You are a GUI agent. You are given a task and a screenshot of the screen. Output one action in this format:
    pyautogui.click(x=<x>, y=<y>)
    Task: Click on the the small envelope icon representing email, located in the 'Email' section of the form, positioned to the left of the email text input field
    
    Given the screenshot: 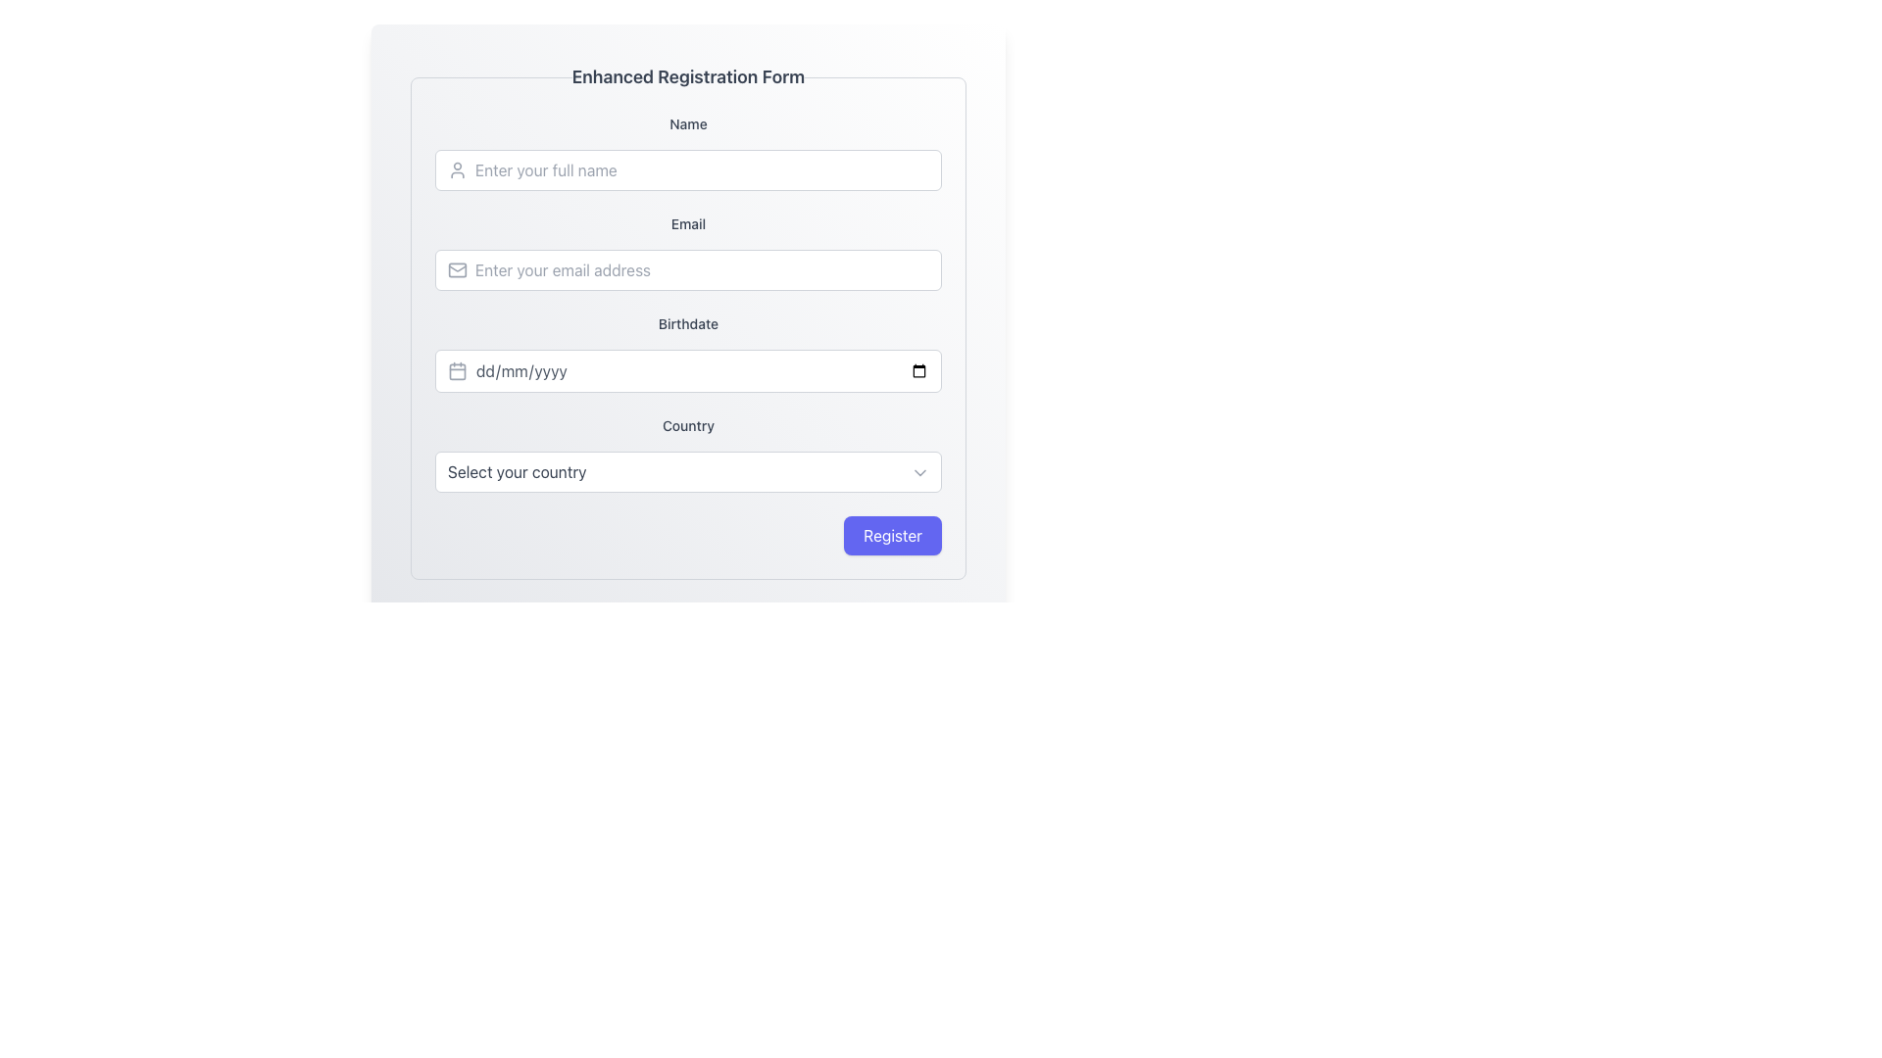 What is the action you would take?
    pyautogui.click(x=456, y=270)
    